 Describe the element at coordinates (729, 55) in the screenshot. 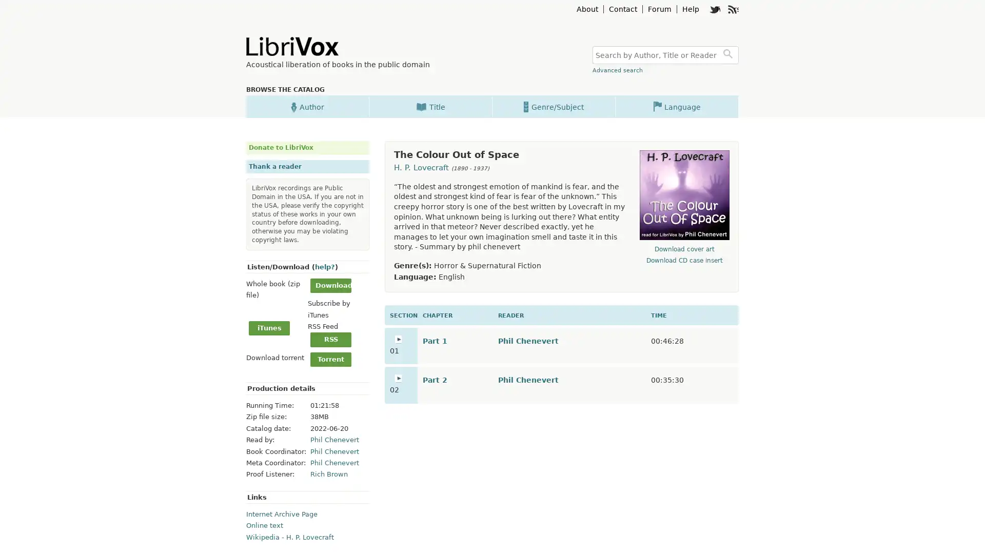

I see `Search` at that location.